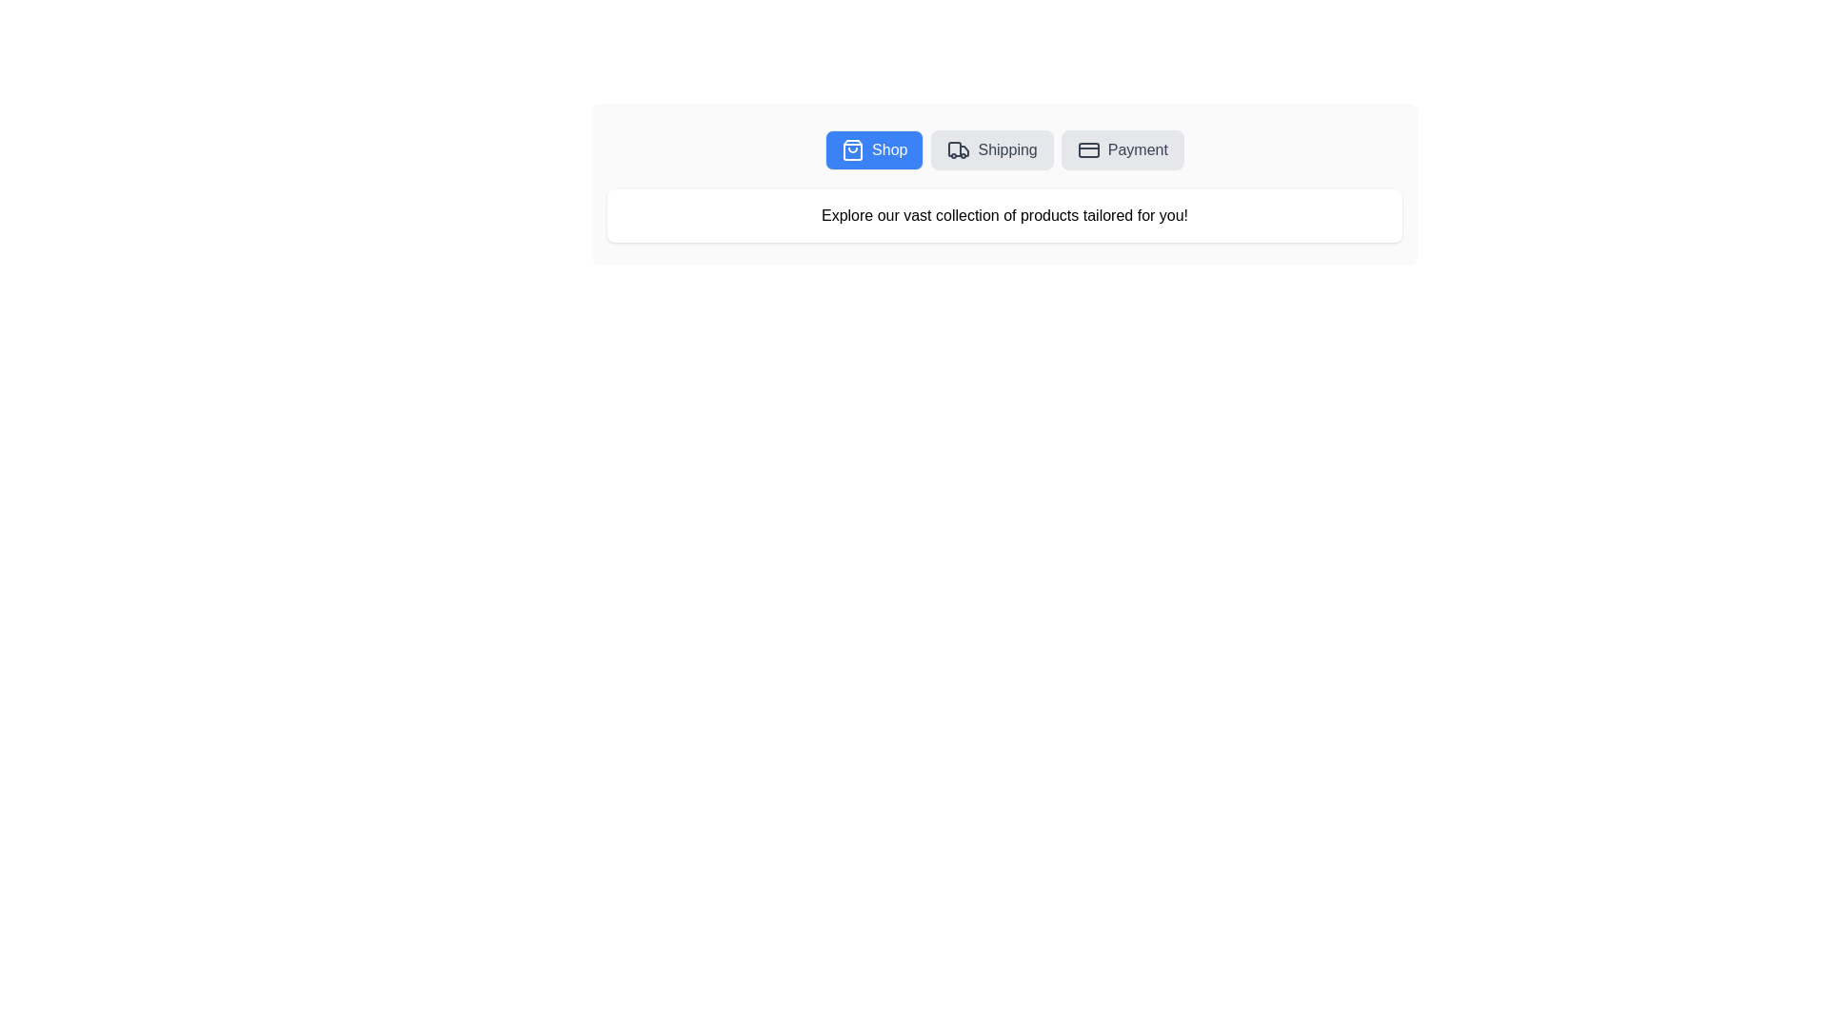 This screenshot has height=1028, width=1828. What do you see at coordinates (1003, 215) in the screenshot?
I see `the informational text block located below the 'Shop', 'Shipping', and 'Payment' buttons, which provides context or guidance about the page's content` at bounding box center [1003, 215].